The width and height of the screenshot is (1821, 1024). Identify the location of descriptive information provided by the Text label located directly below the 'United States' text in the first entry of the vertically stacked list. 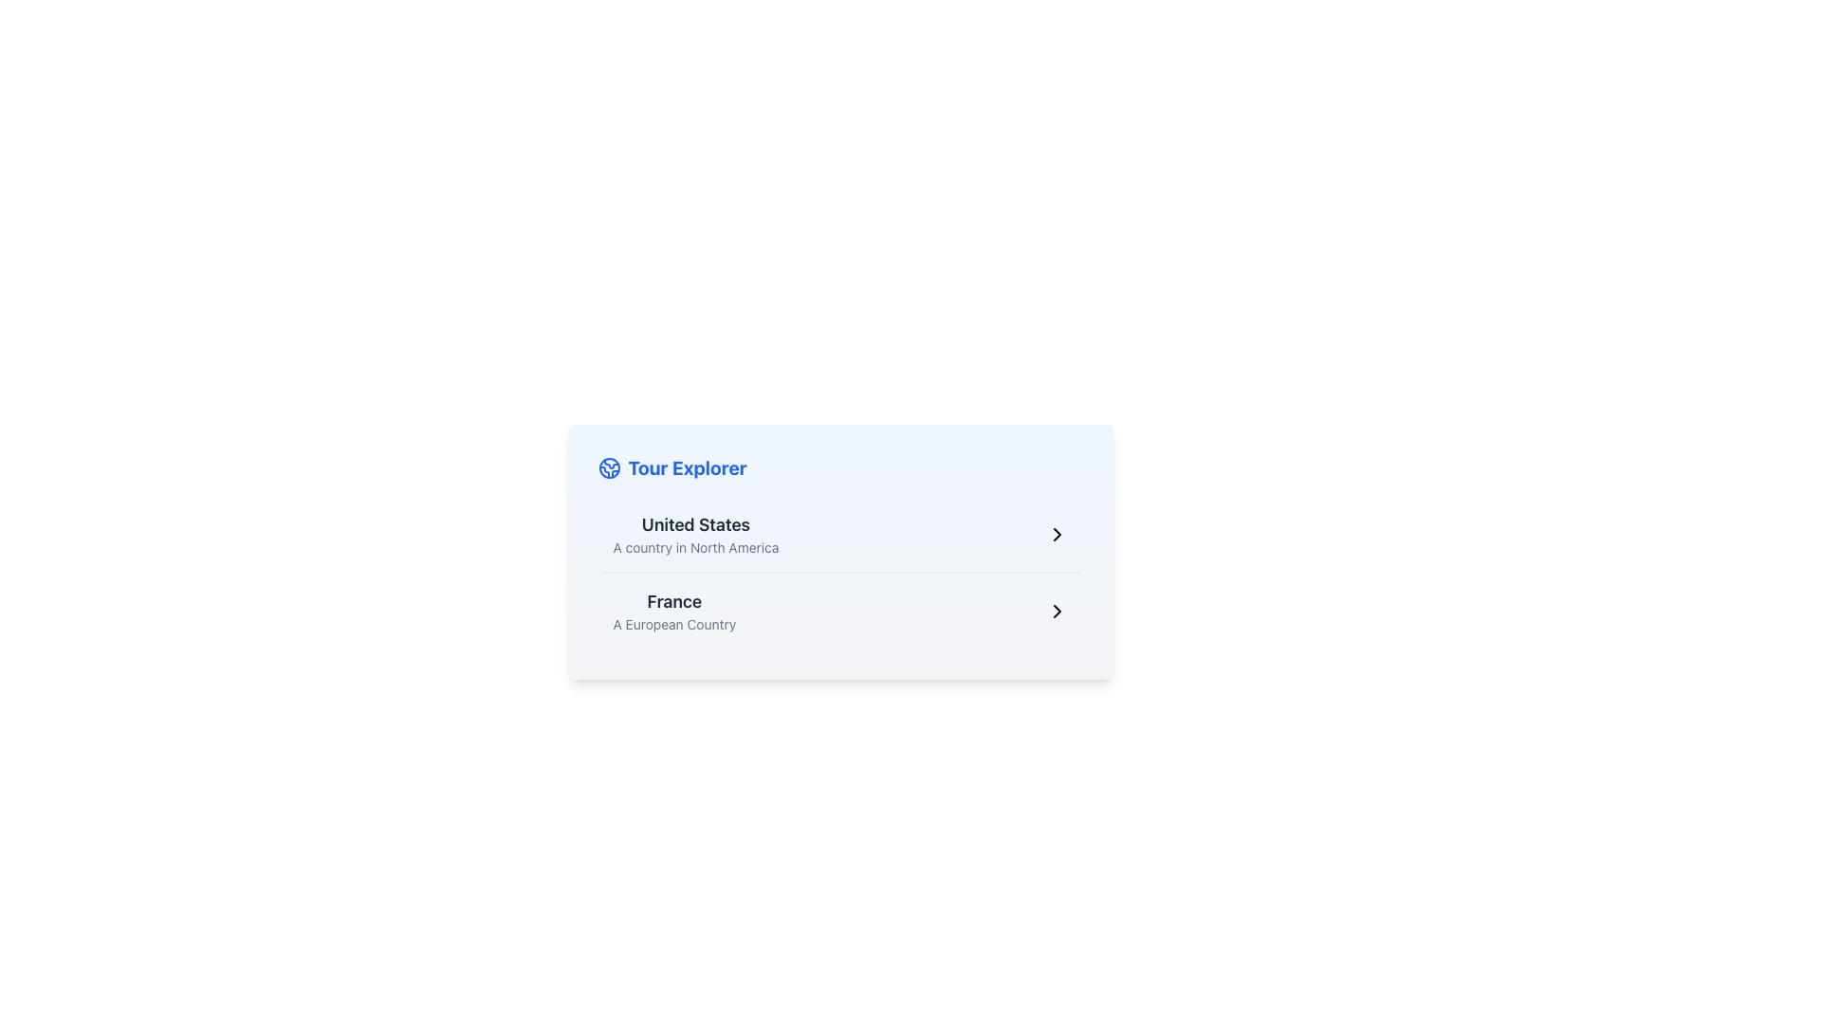
(695, 548).